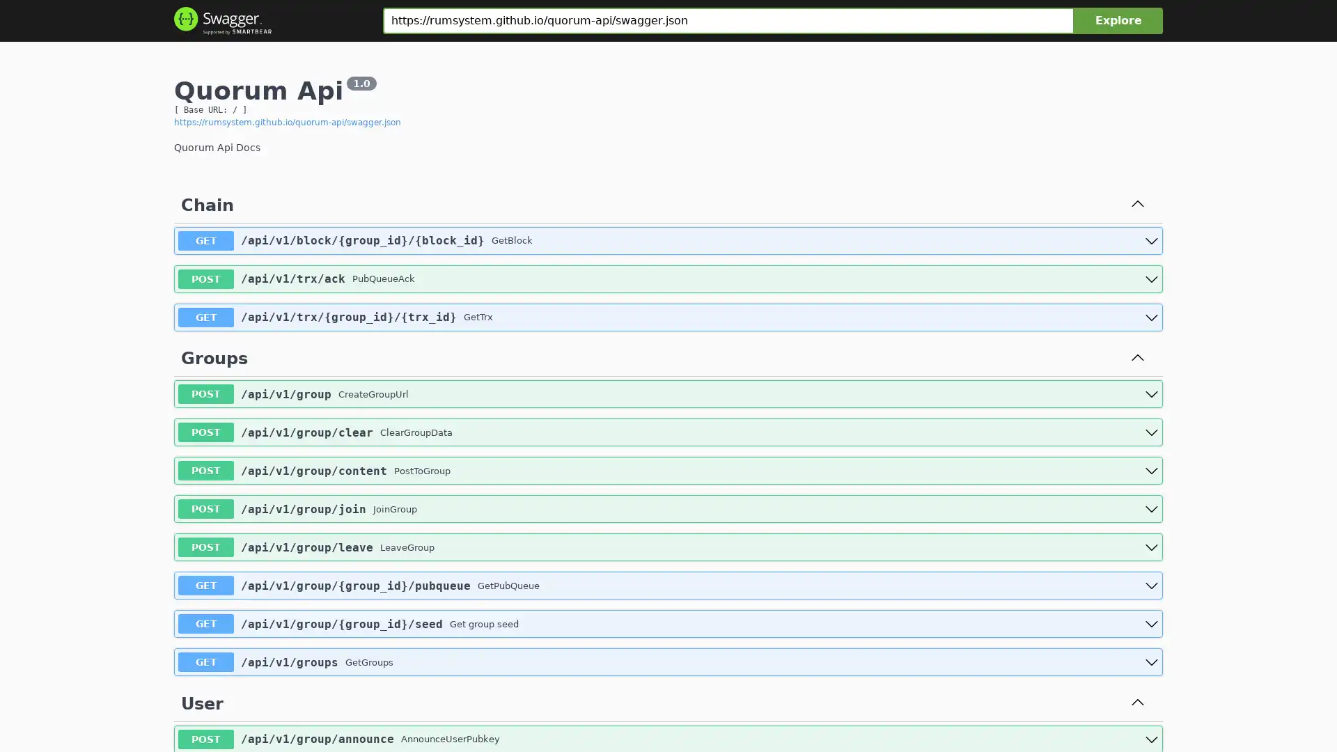 The height and width of the screenshot is (752, 1337). What do you see at coordinates (668, 622) in the screenshot?
I see `get /api/v1/group/{group_id}/seed` at bounding box center [668, 622].